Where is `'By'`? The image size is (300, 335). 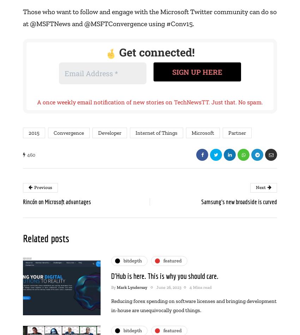 'By' is located at coordinates (114, 287).